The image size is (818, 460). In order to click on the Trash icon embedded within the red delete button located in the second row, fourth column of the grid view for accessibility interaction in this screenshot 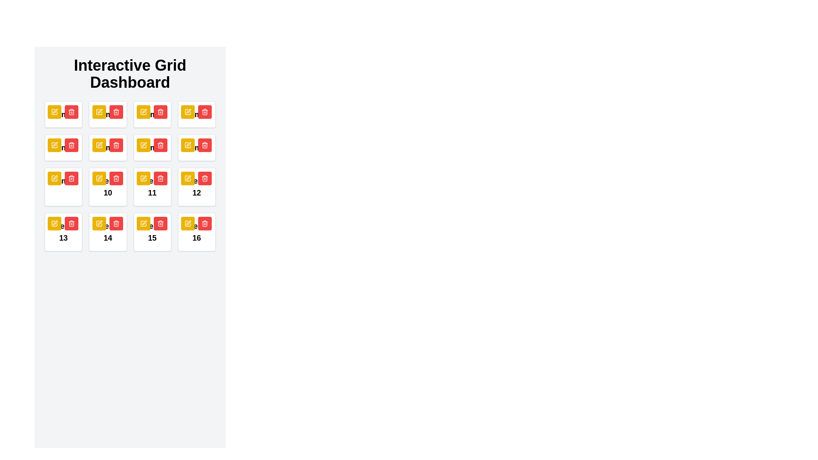, I will do `click(204, 111)`.